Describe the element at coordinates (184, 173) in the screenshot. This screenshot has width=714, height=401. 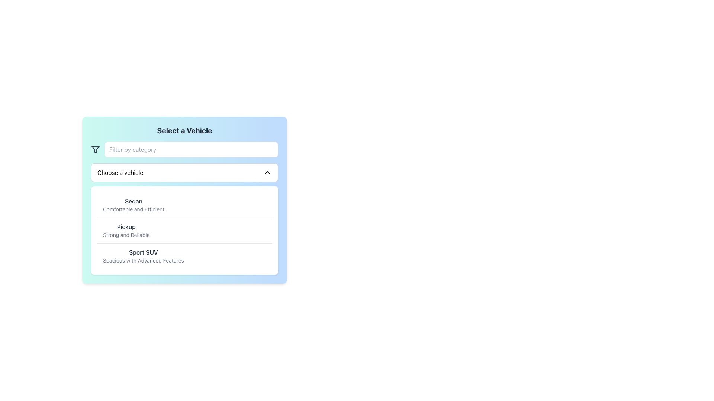
I see `the Dropdown trigger button labeled 'Choose a vehicle' which is positioned beneath the 'Filter by category' input field and above the vehicle options list` at that location.